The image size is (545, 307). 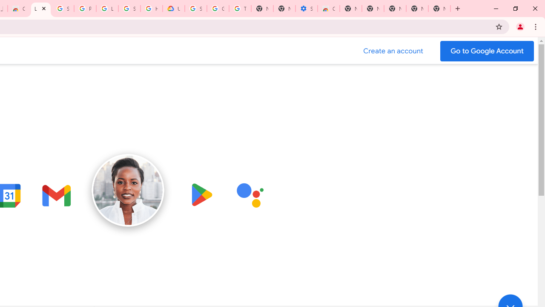 What do you see at coordinates (439, 9) in the screenshot?
I see `'New Tab'` at bounding box center [439, 9].